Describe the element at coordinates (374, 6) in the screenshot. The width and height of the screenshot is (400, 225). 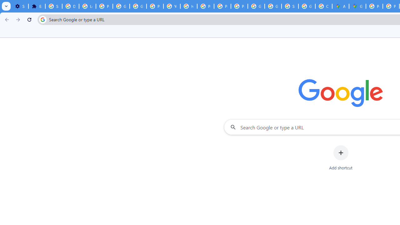
I see `'Policy Accountability and Transparency - Transparency Center'` at that location.